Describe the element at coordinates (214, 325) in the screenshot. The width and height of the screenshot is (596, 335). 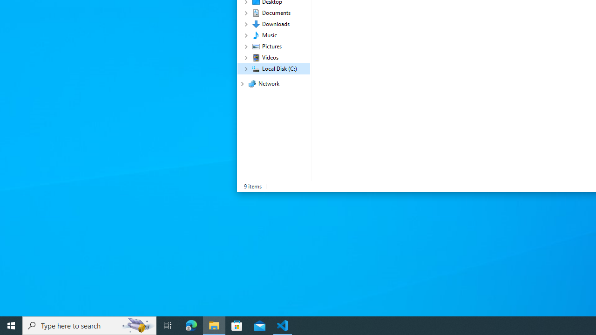
I see `'File Explorer - 1 running window'` at that location.